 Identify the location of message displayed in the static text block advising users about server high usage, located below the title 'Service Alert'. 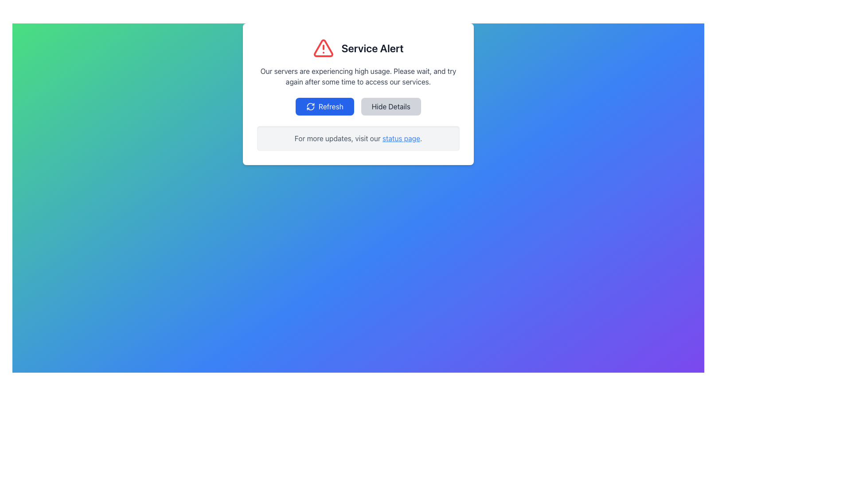
(358, 76).